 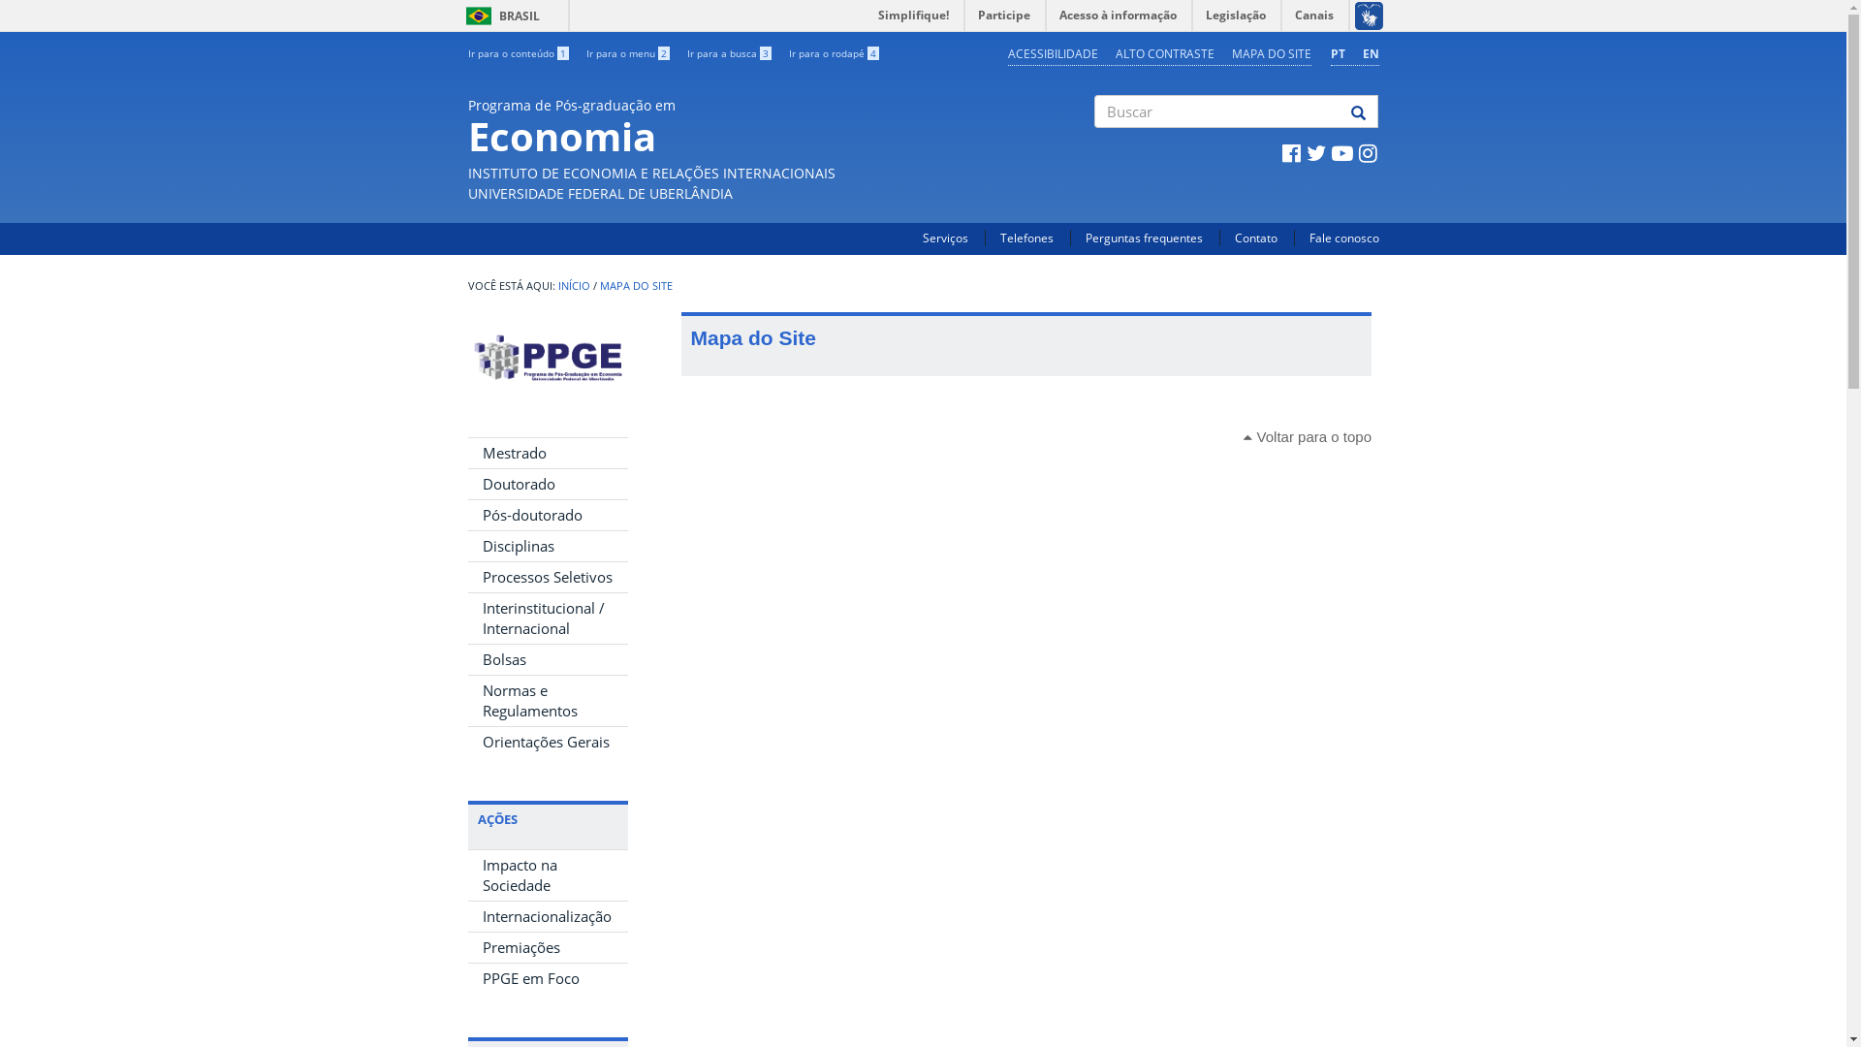 I want to click on 'Interinstitucional / Internacional', so click(x=546, y=618).